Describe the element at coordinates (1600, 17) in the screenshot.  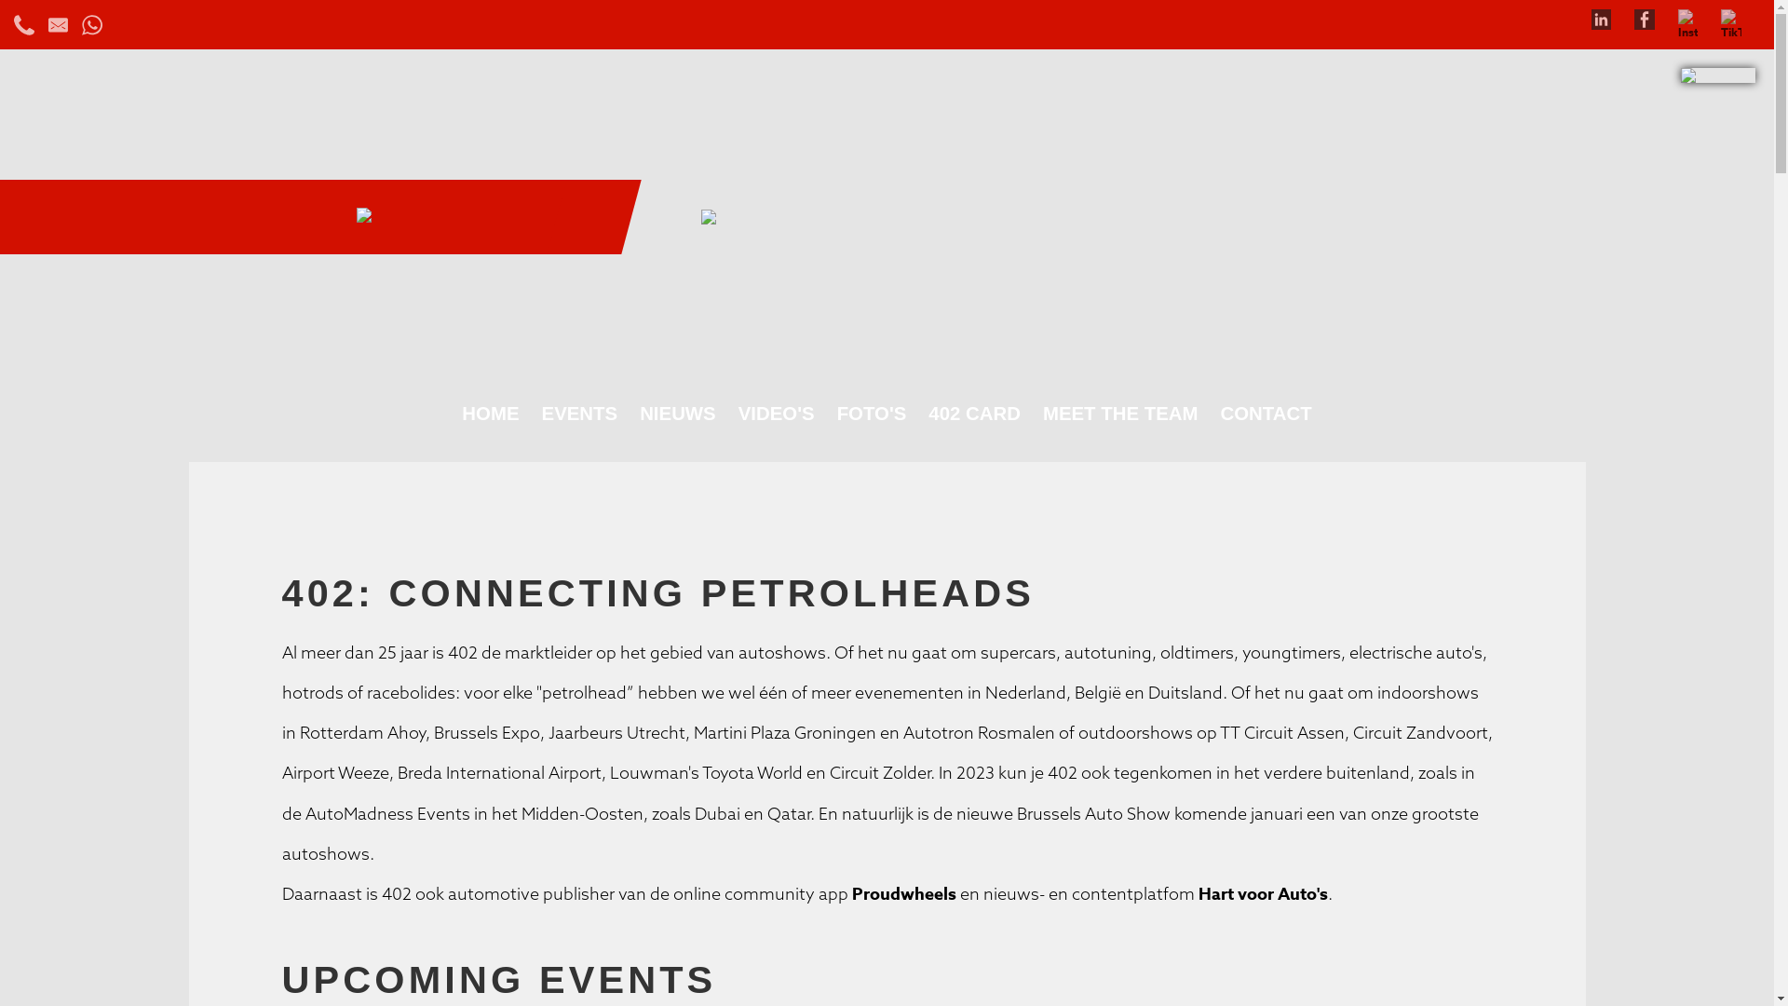
I see `'LinkedIN'` at that location.